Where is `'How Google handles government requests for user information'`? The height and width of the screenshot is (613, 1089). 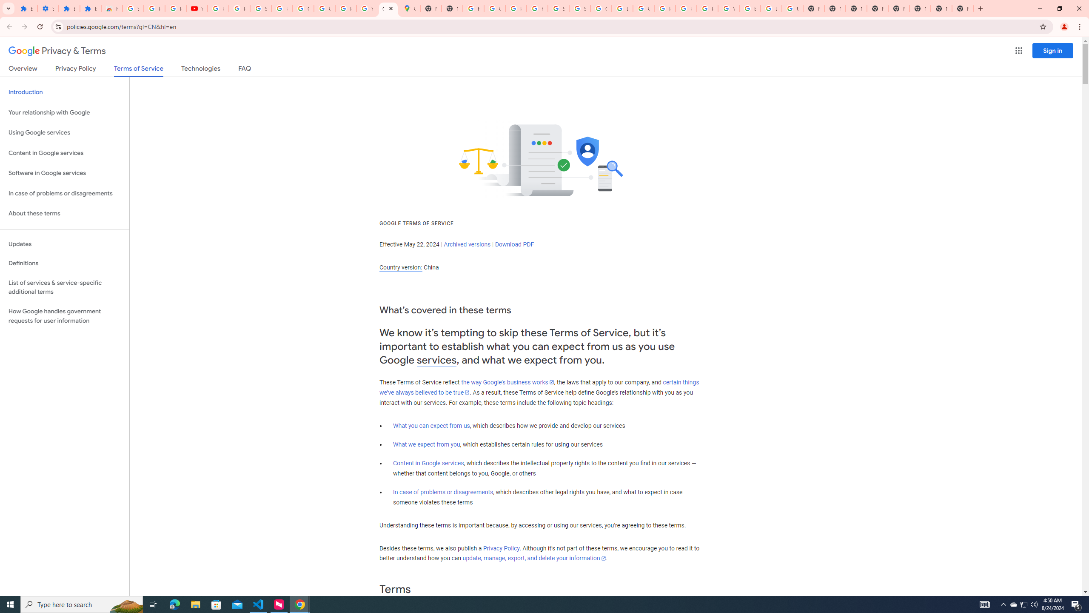 'How Google handles government requests for user information' is located at coordinates (64, 316).